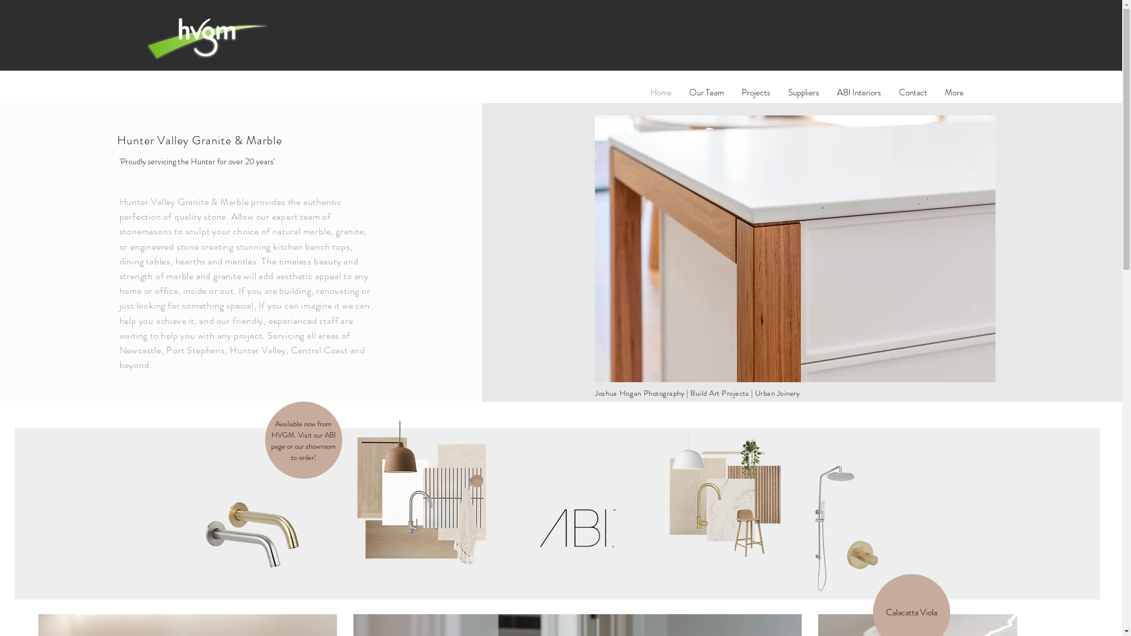 The image size is (1131, 636). I want to click on 'Contact', so click(912, 92).